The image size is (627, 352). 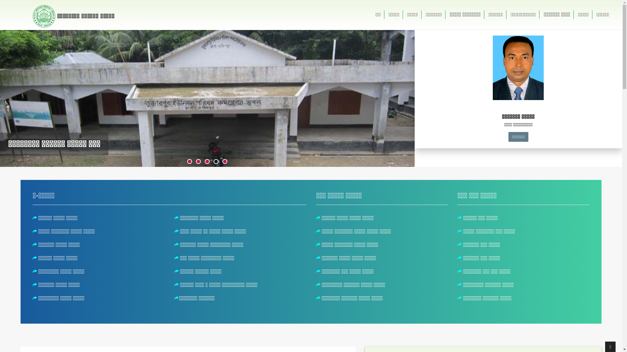 What do you see at coordinates (225, 161) in the screenshot?
I see `'5'` at bounding box center [225, 161].